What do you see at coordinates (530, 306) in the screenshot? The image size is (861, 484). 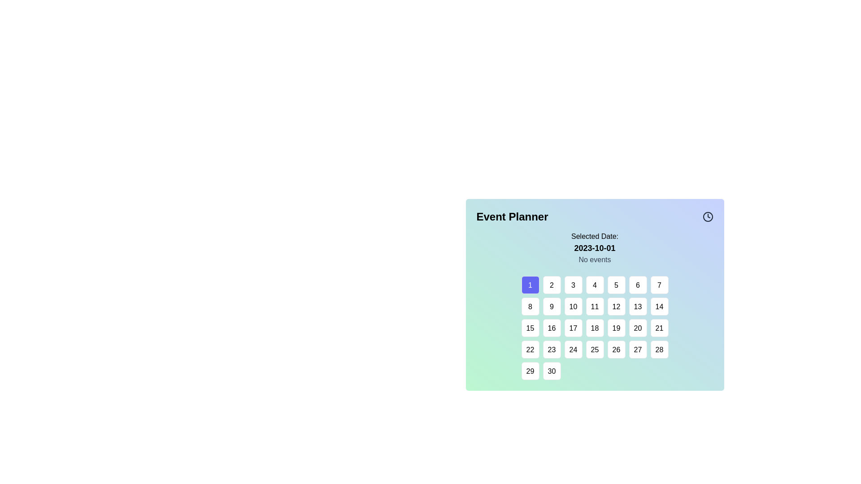 I see `the square-shaped button displaying '8' located in the second row and first column of the calendar grid` at bounding box center [530, 306].